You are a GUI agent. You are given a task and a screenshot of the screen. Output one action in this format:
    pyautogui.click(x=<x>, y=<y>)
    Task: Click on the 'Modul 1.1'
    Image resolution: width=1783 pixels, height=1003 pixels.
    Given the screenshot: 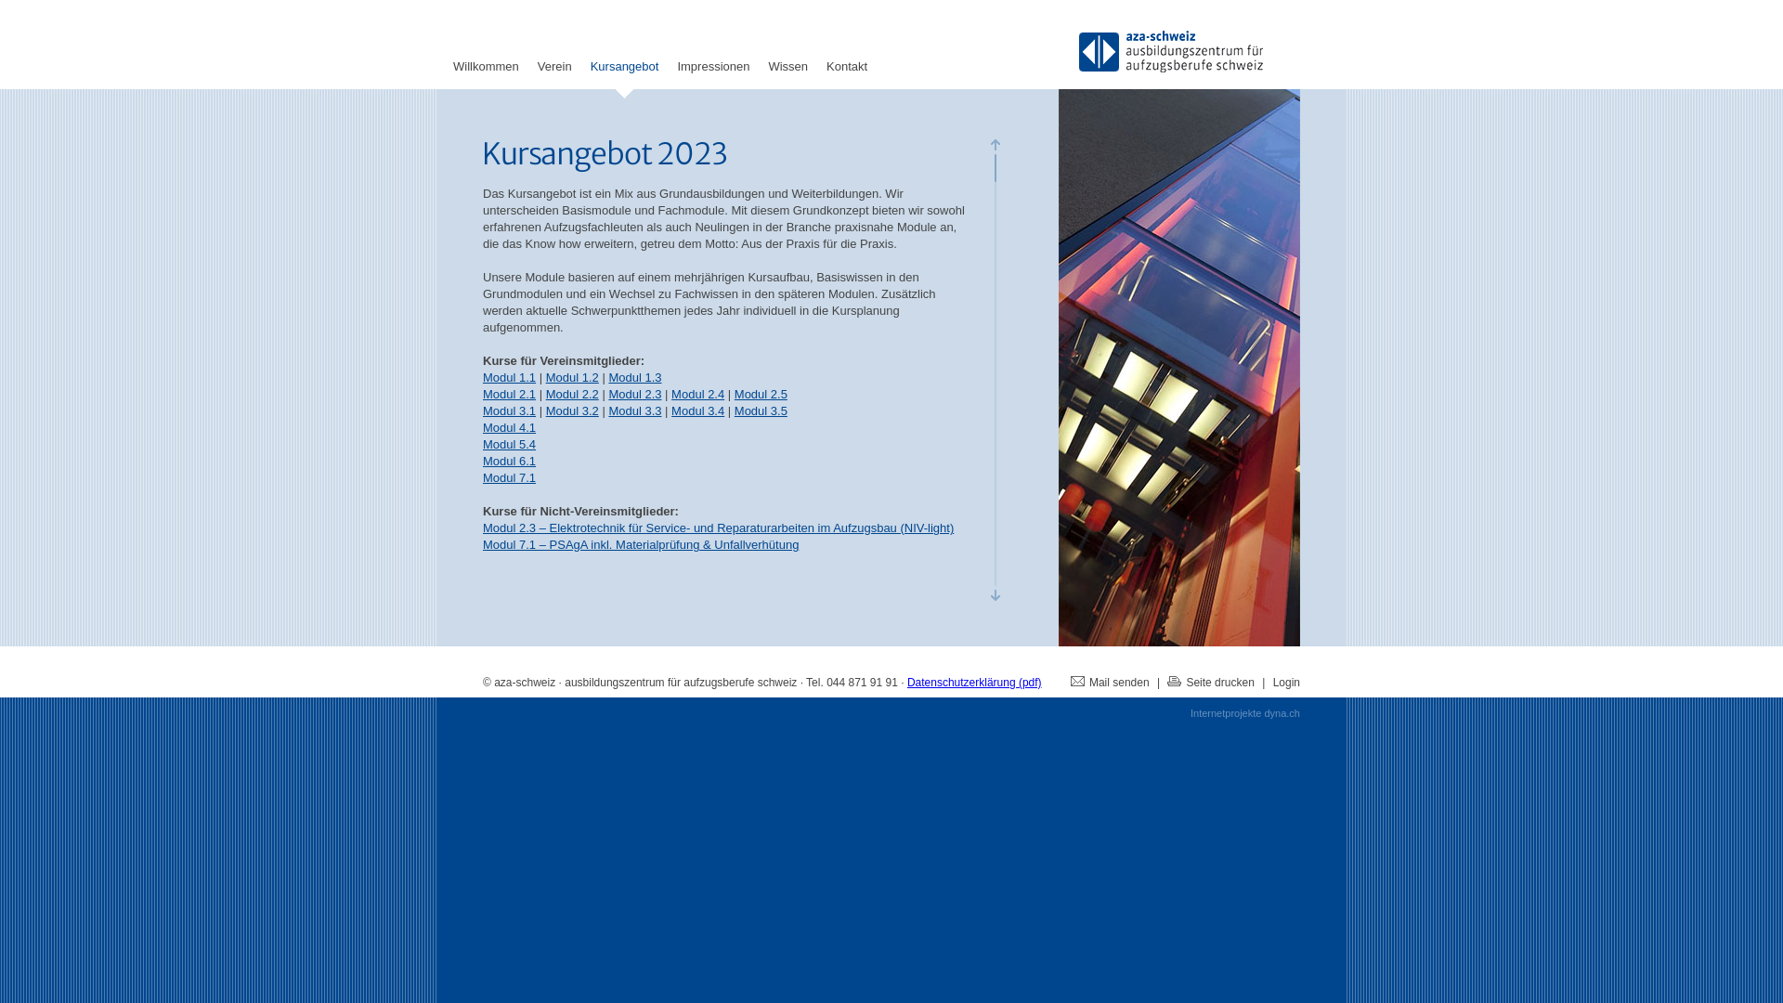 What is the action you would take?
    pyautogui.click(x=509, y=376)
    